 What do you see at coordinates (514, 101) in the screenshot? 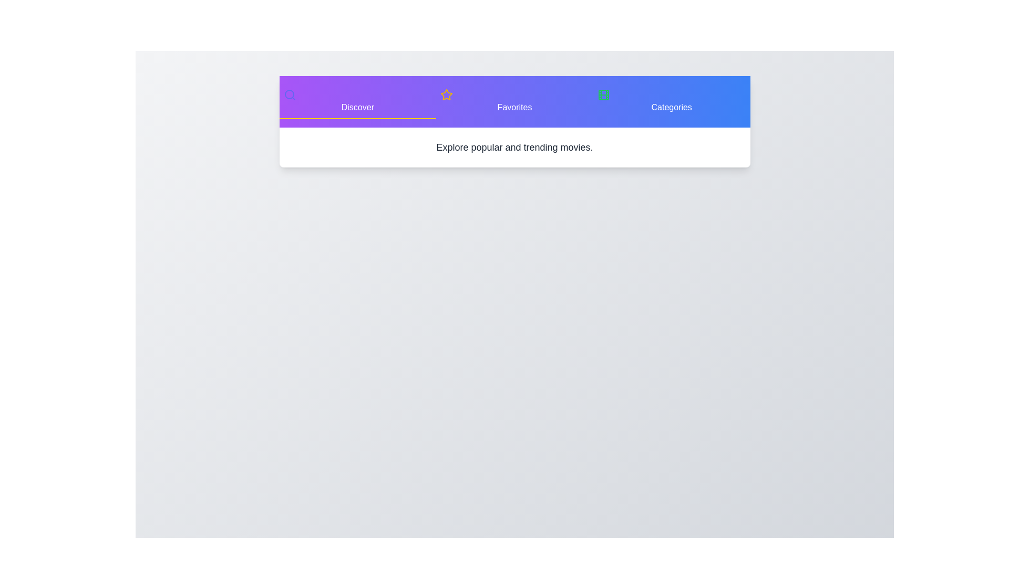
I see `the tab button labeled Favorites to switch to that tab` at bounding box center [514, 101].